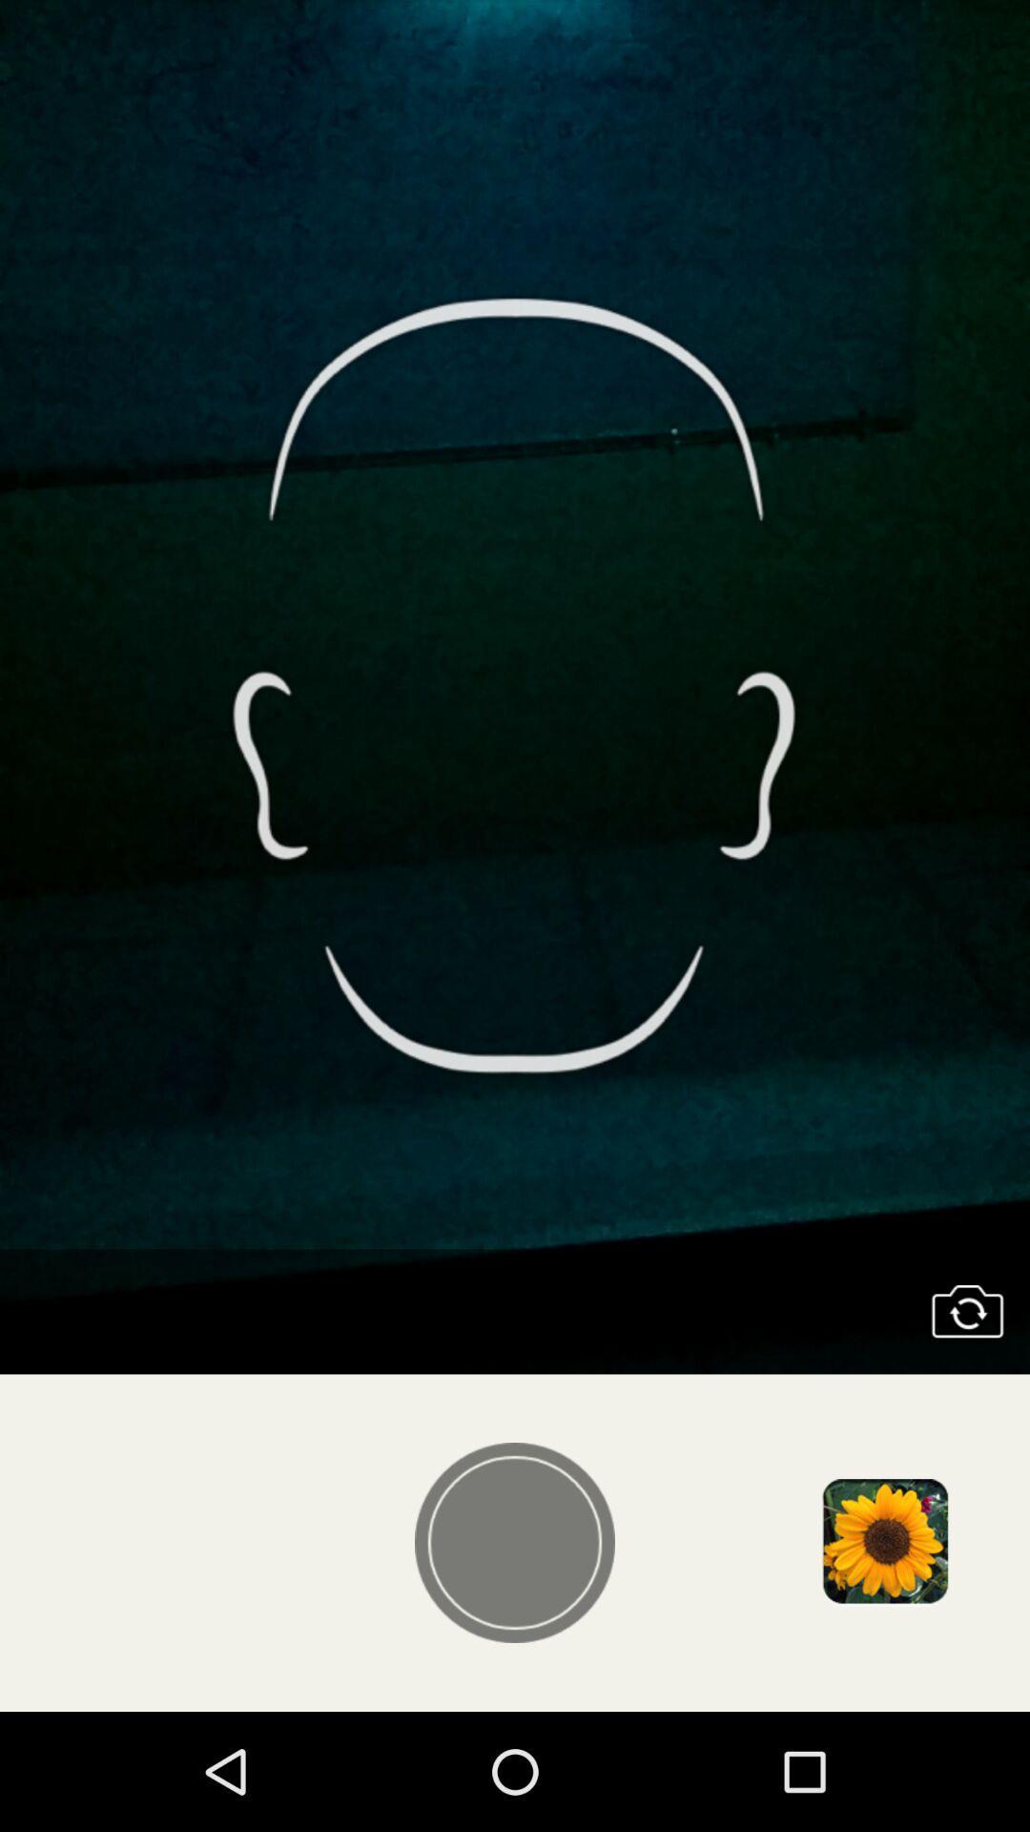 This screenshot has width=1030, height=1832. Describe the element at coordinates (515, 1543) in the screenshot. I see `take photo` at that location.